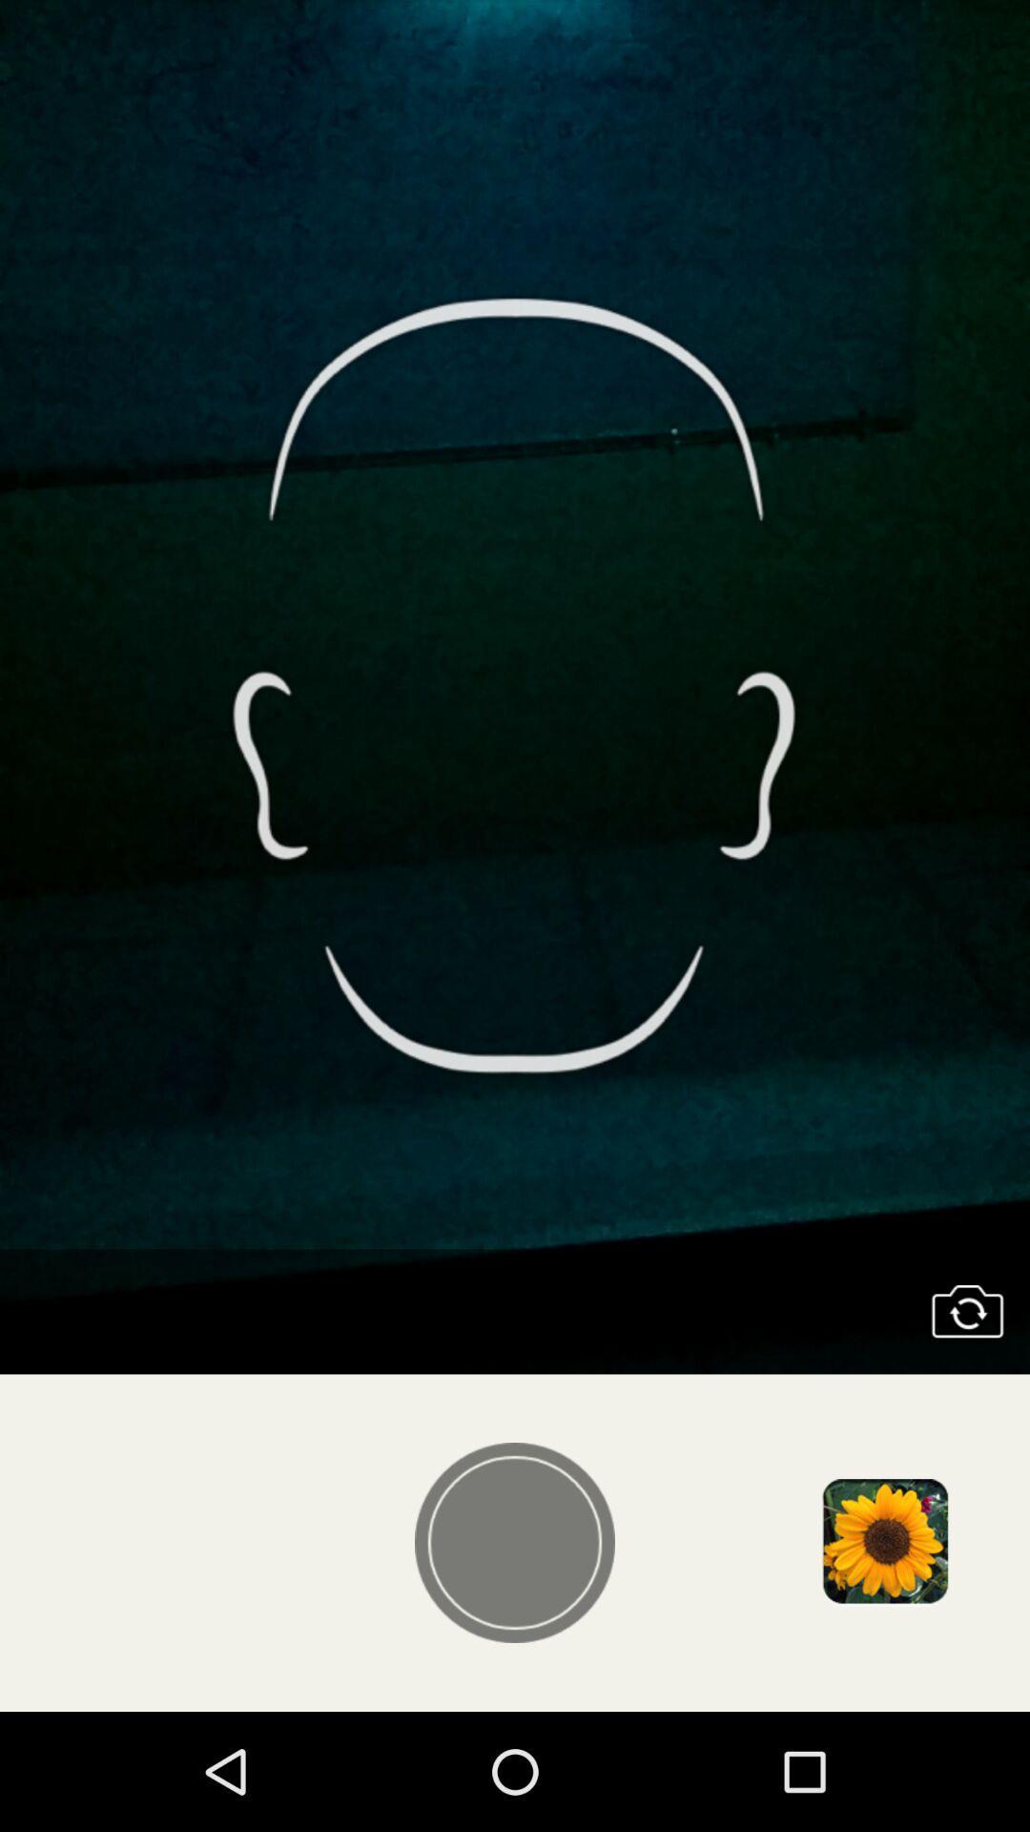 This screenshot has width=1030, height=1832. Describe the element at coordinates (515, 1543) in the screenshot. I see `take photo` at that location.